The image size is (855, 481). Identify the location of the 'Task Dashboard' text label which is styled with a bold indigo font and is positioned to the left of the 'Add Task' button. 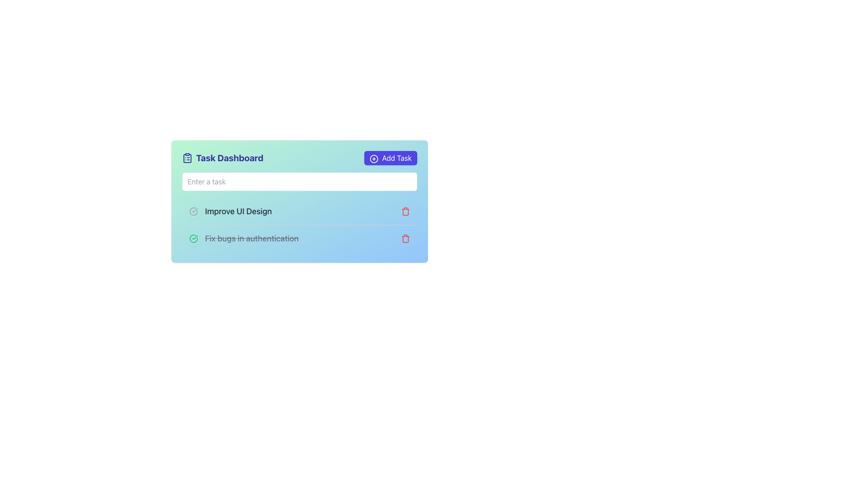
(222, 157).